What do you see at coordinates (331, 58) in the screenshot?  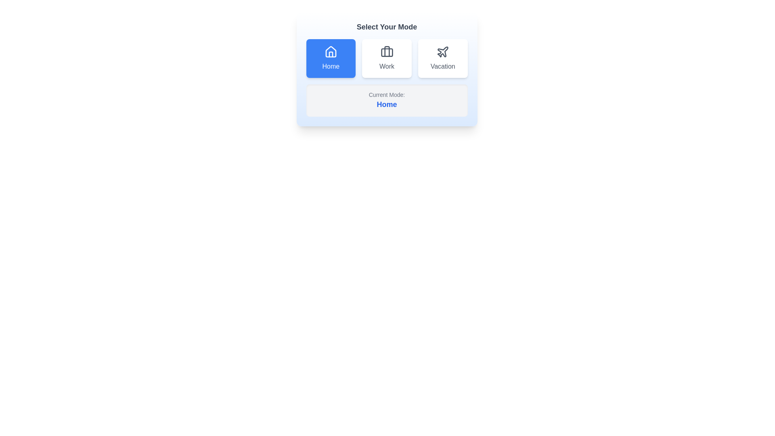 I see `the button corresponding to Home to select it` at bounding box center [331, 58].